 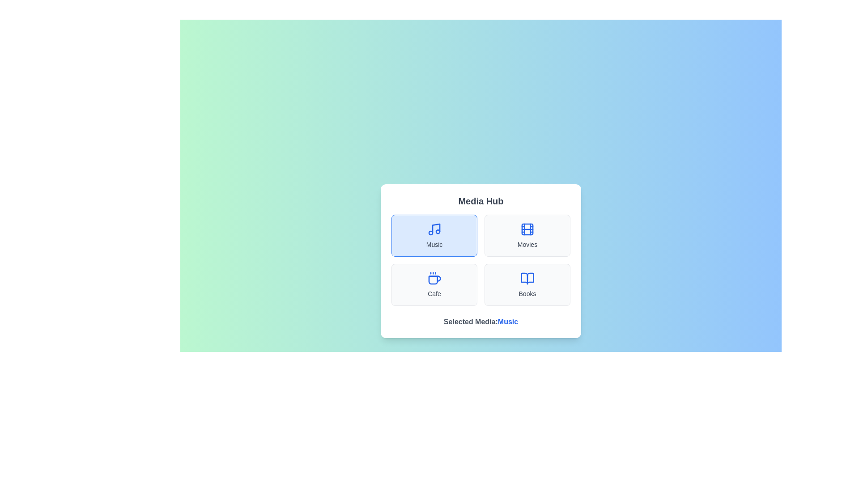 What do you see at coordinates (508, 321) in the screenshot?
I see `the text content of the element displaying the selected item` at bounding box center [508, 321].